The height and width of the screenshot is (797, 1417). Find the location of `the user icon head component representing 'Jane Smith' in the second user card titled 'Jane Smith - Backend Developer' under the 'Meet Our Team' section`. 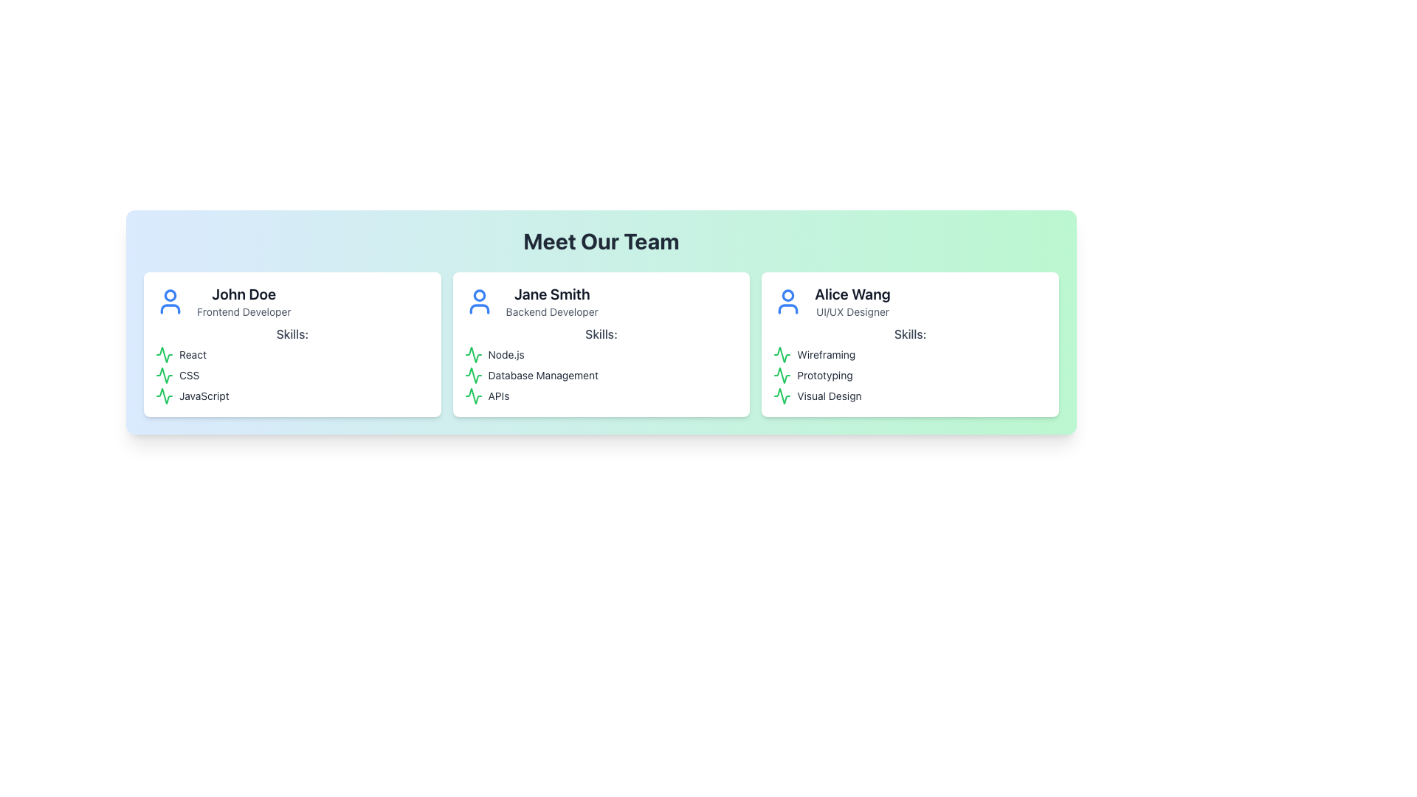

the user icon head component representing 'Jane Smith' in the second user card titled 'Jane Smith - Backend Developer' under the 'Meet Our Team' section is located at coordinates (479, 295).